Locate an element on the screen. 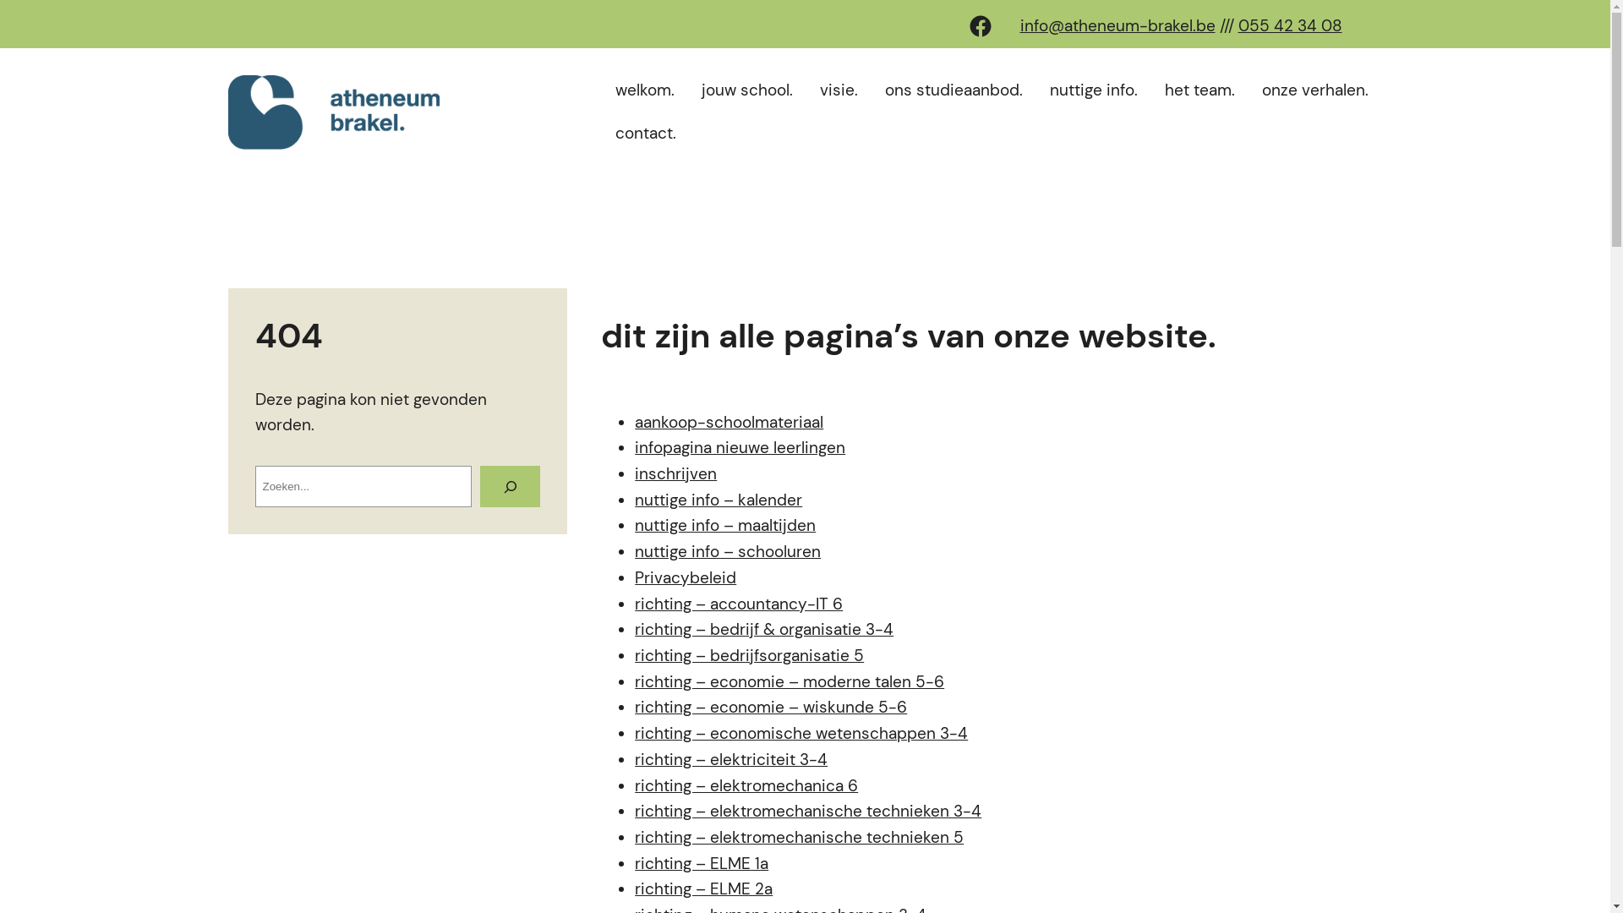 This screenshot has width=1623, height=913. 'Facebook' is located at coordinates (979, 25).